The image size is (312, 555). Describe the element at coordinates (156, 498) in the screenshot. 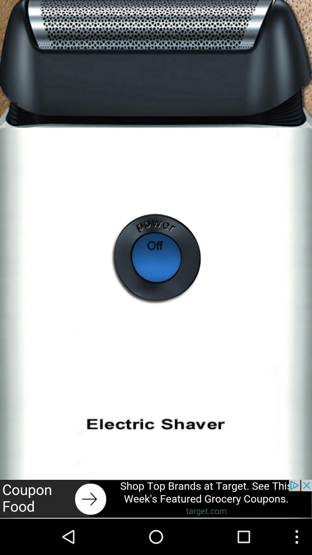

I see `advertisement` at that location.